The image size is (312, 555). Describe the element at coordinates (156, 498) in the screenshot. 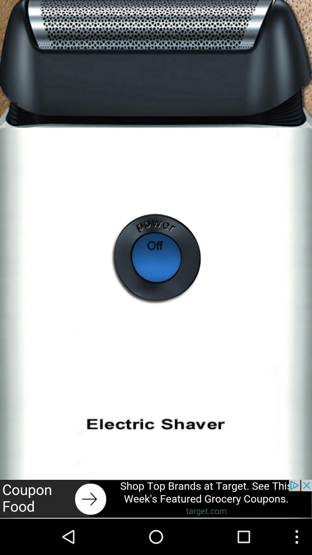

I see `advertisement` at that location.